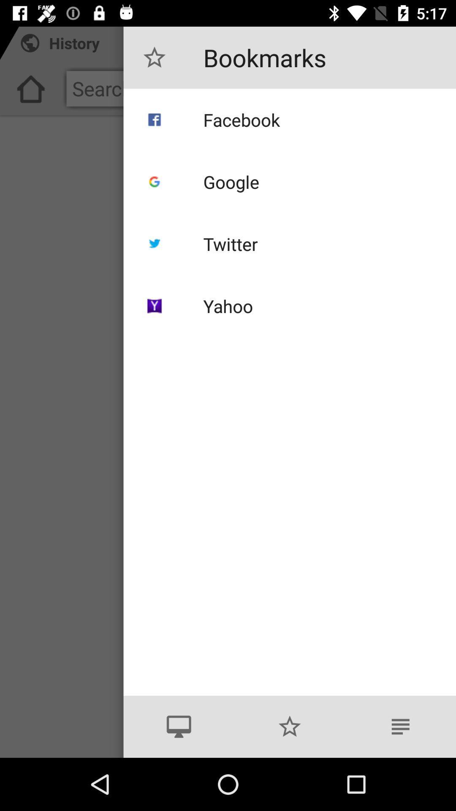  What do you see at coordinates (30, 92) in the screenshot?
I see `home icon which is on the top left corner of page` at bounding box center [30, 92].